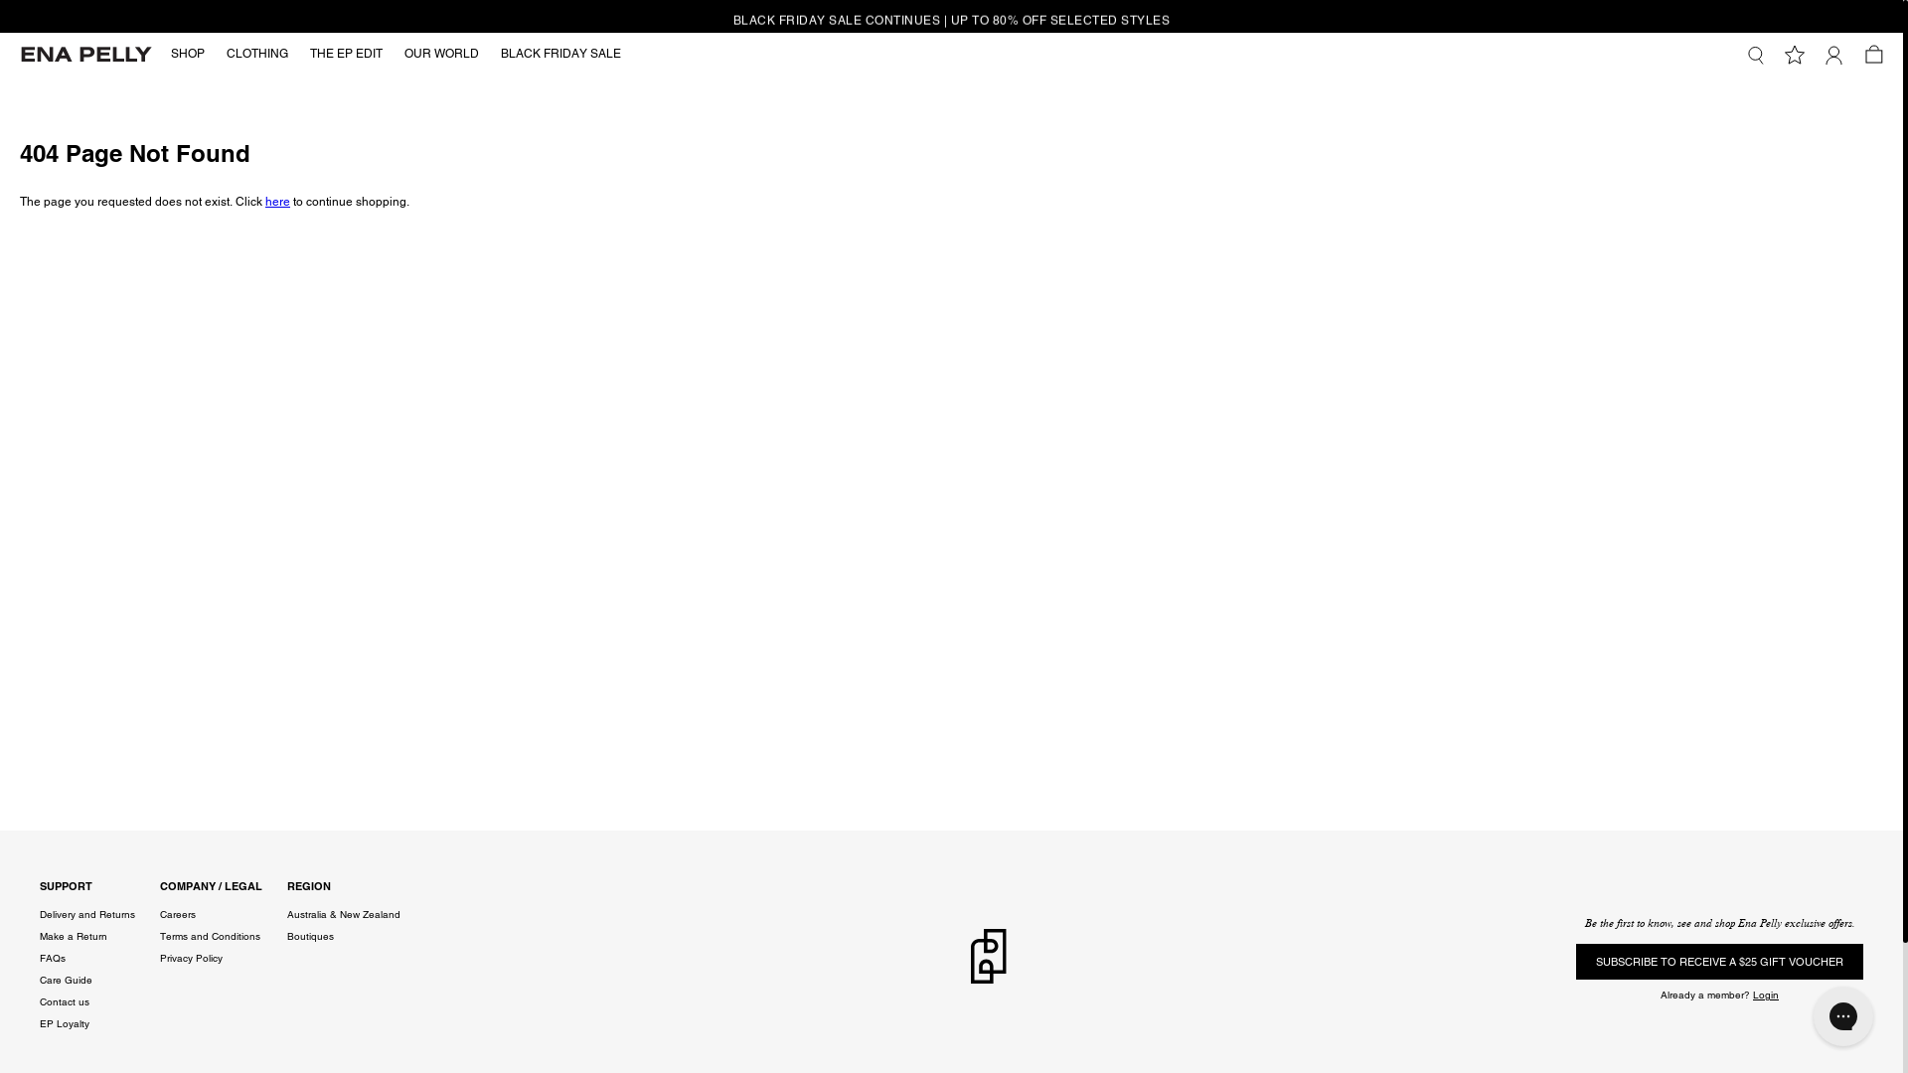  Describe the element at coordinates (191, 957) in the screenshot. I see `'Privacy Policy'` at that location.